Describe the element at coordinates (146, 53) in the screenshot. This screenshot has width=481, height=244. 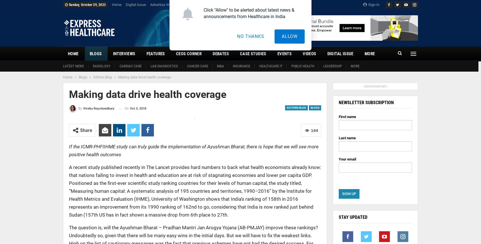
I see `'Features'` at that location.